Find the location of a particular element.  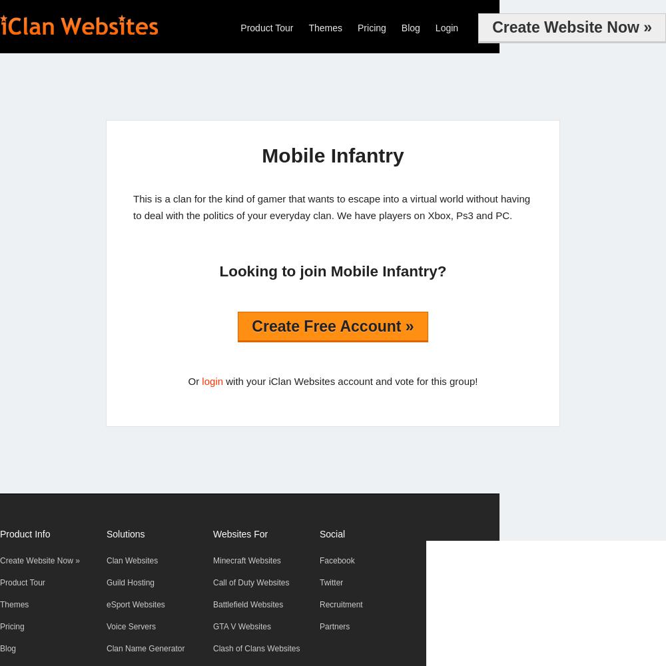

'Facebook' is located at coordinates (337, 560).